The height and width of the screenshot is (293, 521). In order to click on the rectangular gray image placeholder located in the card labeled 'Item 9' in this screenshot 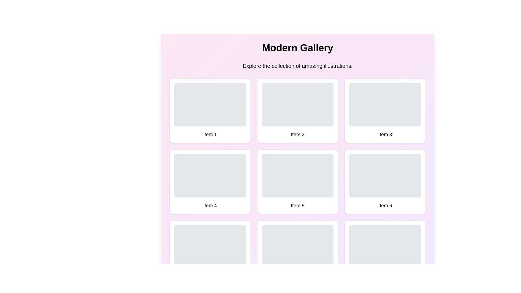, I will do `click(385, 247)`.